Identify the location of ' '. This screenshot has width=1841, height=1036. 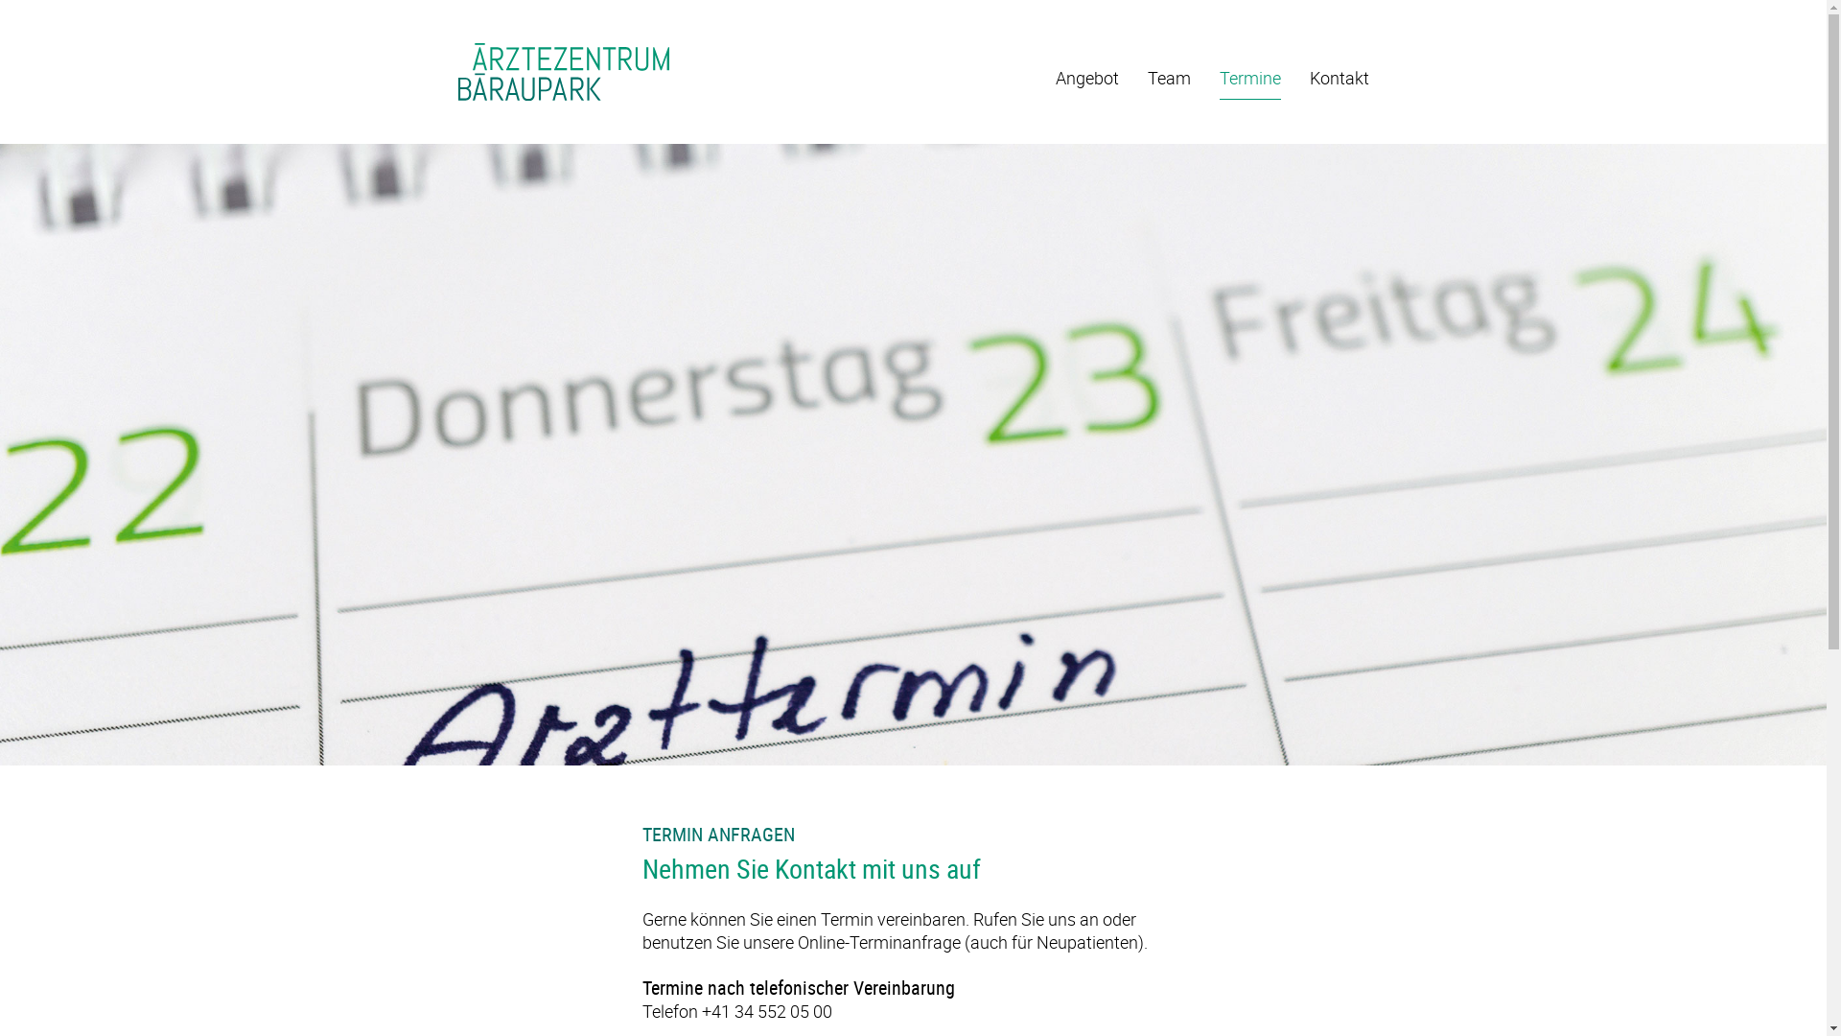
(457, 73).